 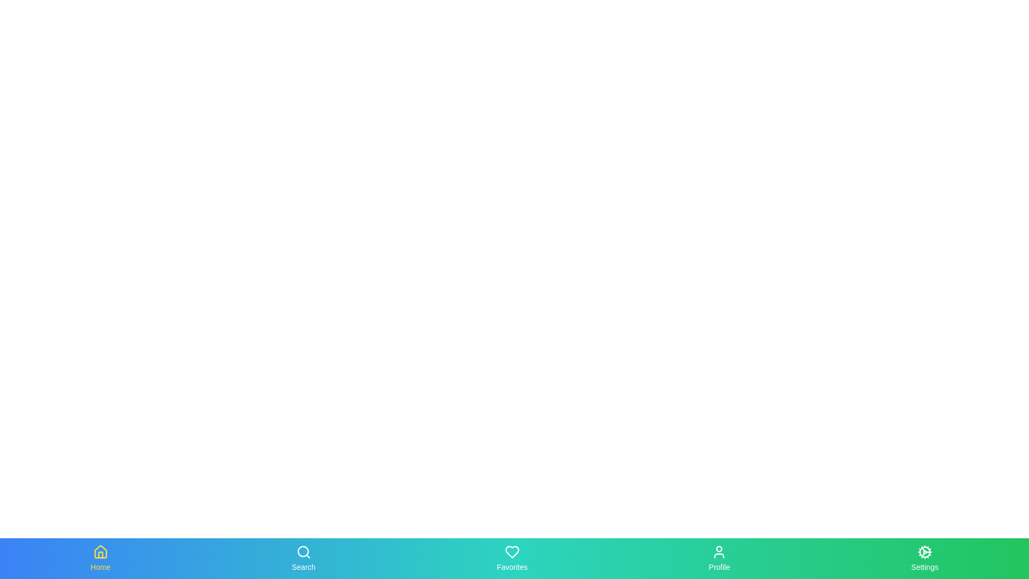 I want to click on the Profile tab in the bottom navigation, so click(x=719, y=558).